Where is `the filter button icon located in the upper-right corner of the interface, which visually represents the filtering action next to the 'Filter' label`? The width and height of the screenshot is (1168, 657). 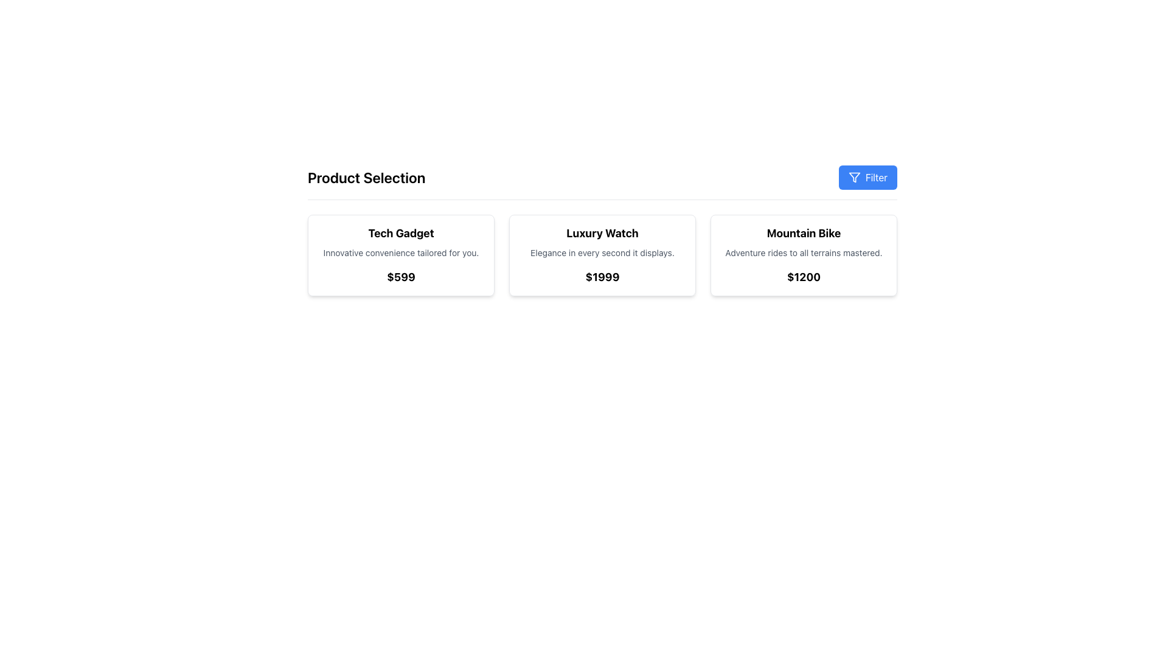 the filter button icon located in the upper-right corner of the interface, which visually represents the filtering action next to the 'Filter' label is located at coordinates (853, 178).